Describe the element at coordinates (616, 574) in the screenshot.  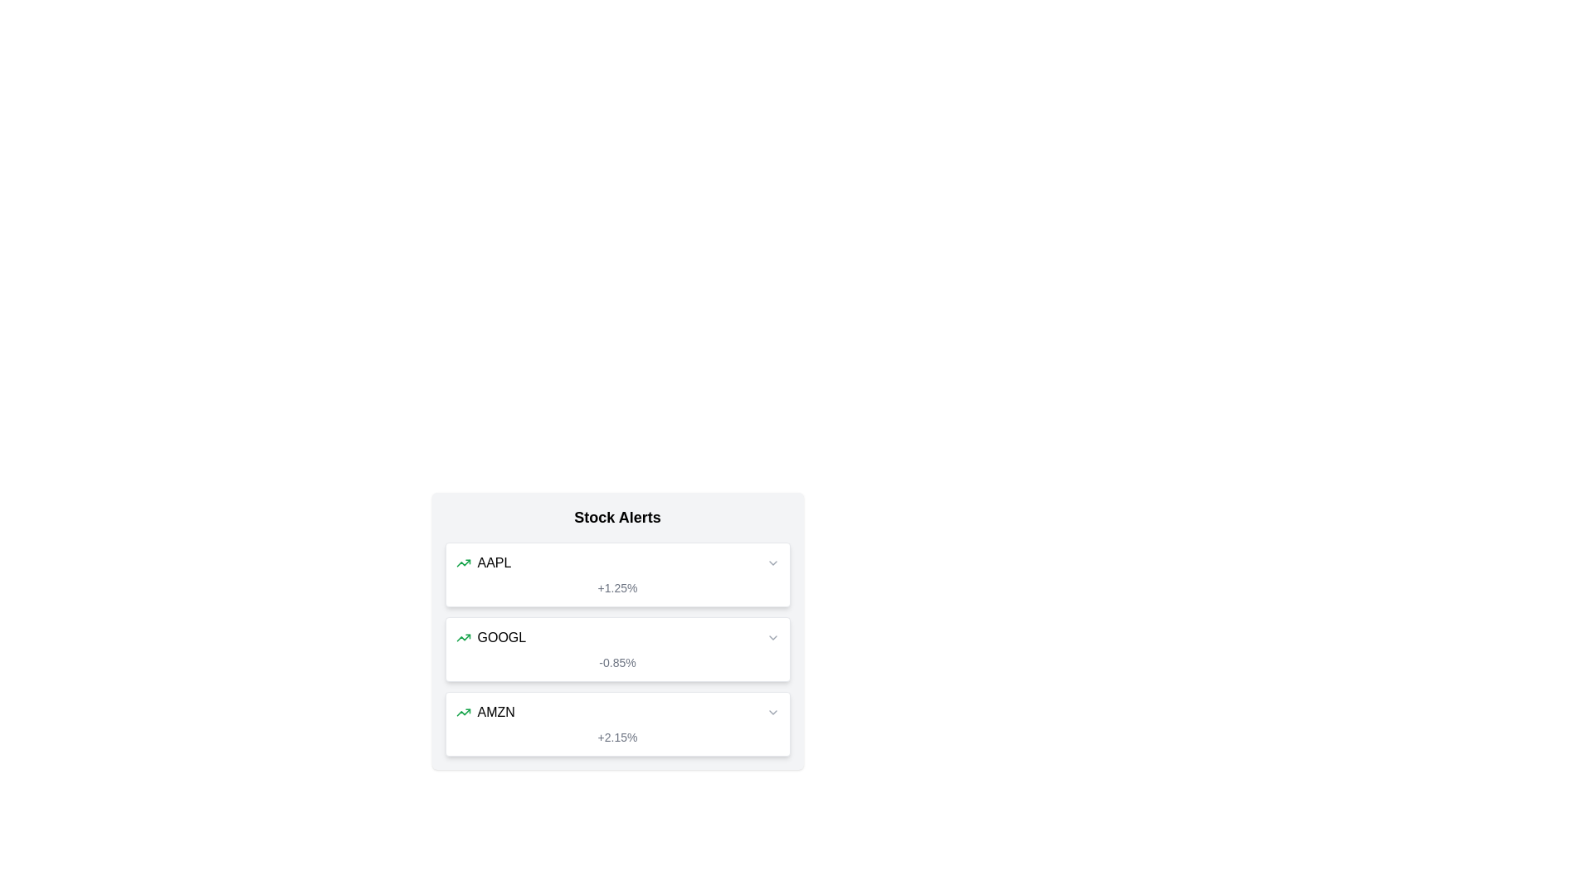
I see `the stock information displayed within the Information card for 'AAPL', which includes its current trend and percentage change in value` at that location.